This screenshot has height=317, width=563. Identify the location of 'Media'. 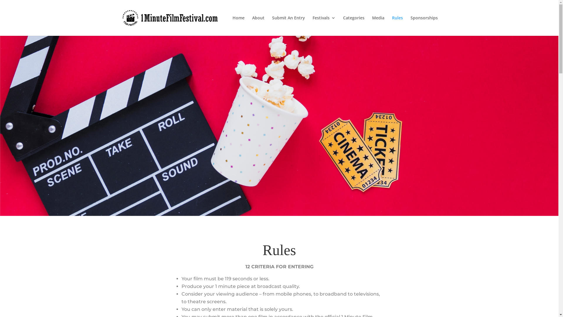
(378, 26).